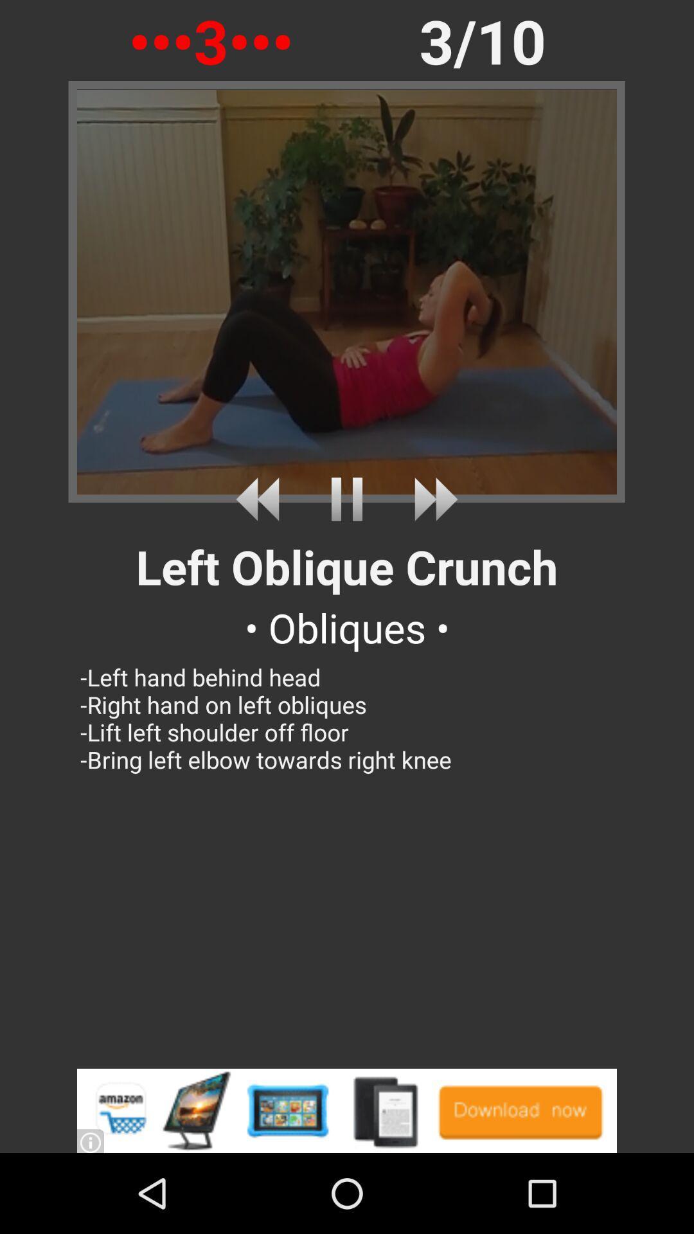 Image resolution: width=694 pixels, height=1234 pixels. Describe the element at coordinates (347, 499) in the screenshot. I see `pause exercise` at that location.